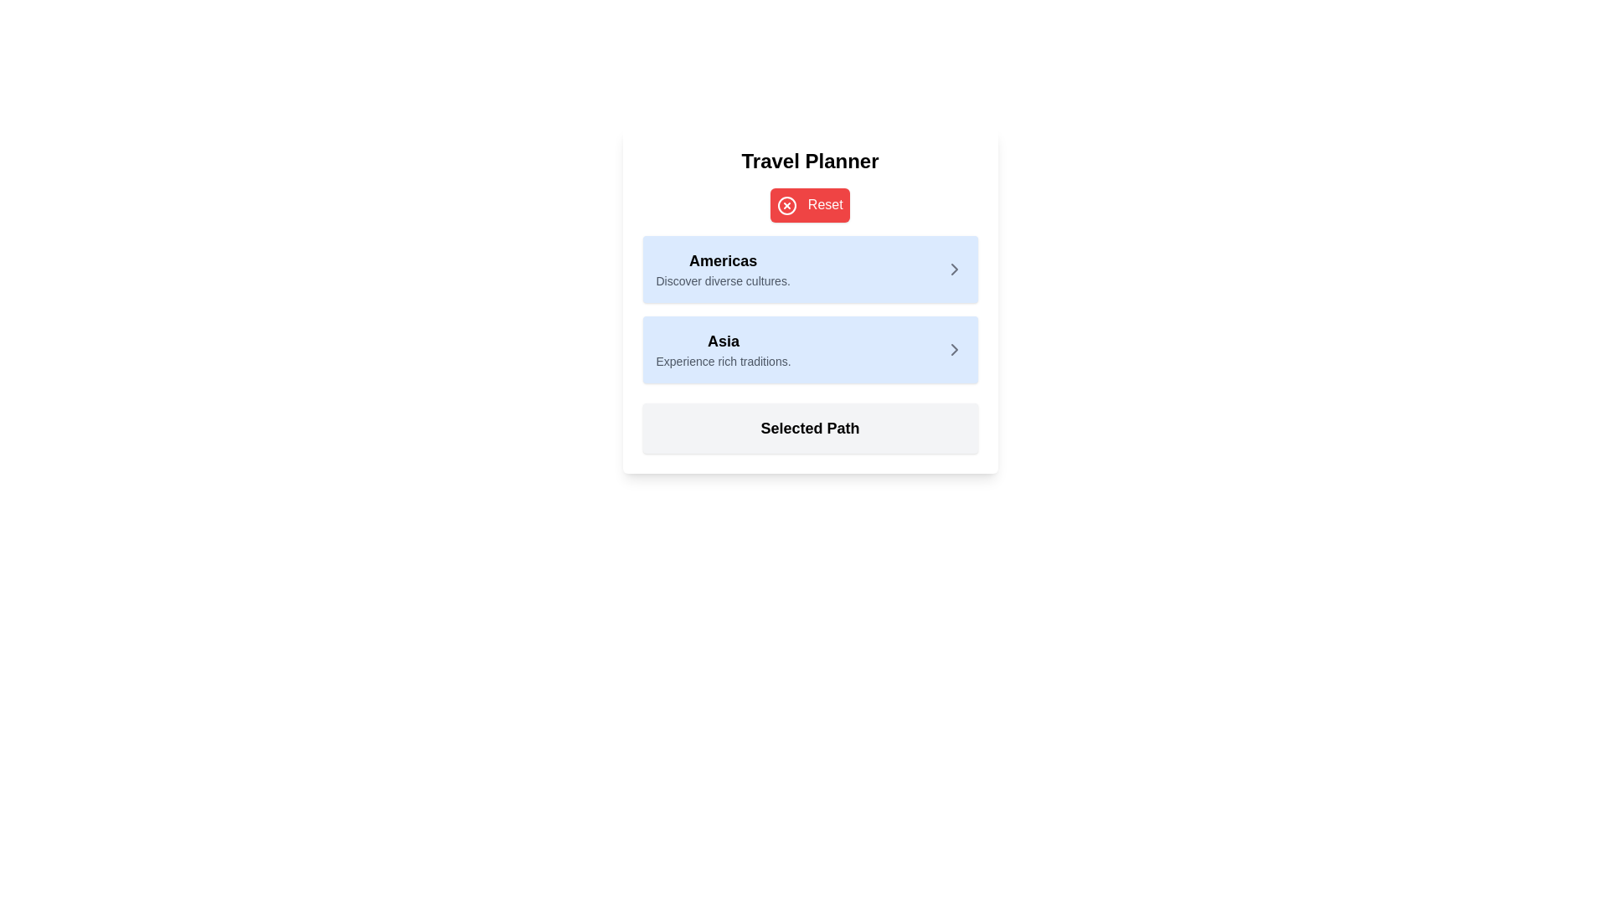 The image size is (1608, 904). I want to click on the chevron icon located at the far right end of the second menu item labeled 'Asia\nExperience rich traditions.' within the light blue card, so click(954, 348).